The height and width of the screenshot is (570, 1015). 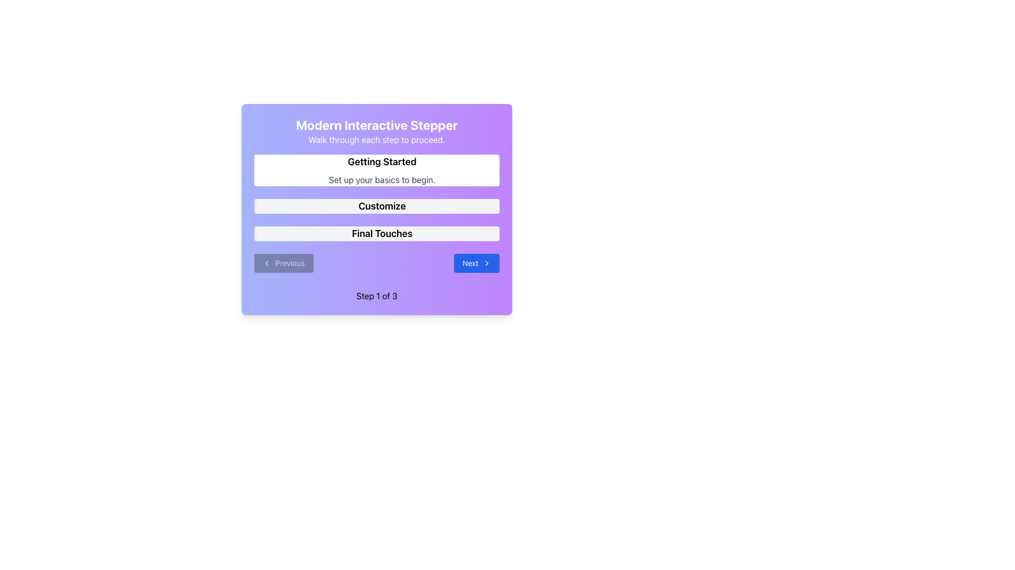 I want to click on the second step button in the vertical layout, so click(x=377, y=210).